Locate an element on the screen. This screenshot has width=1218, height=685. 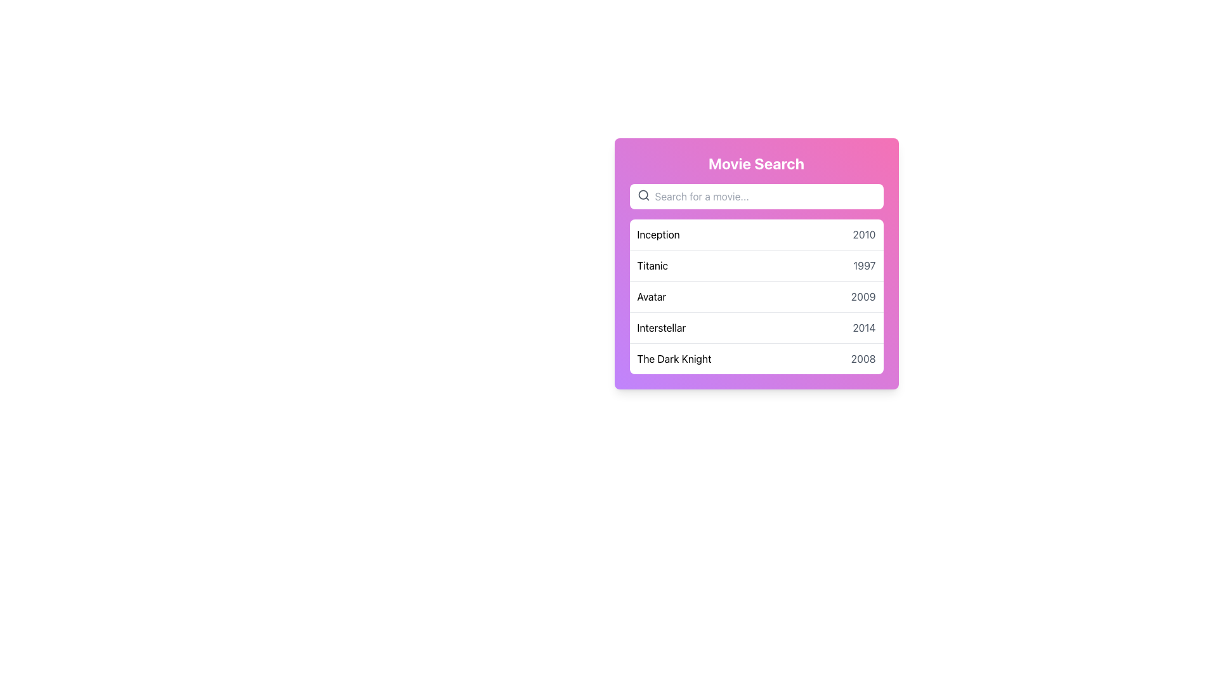
the fifth item in the movie list, which displays the title and release year, located below 'Interstellar (2014)' is located at coordinates (756, 358).